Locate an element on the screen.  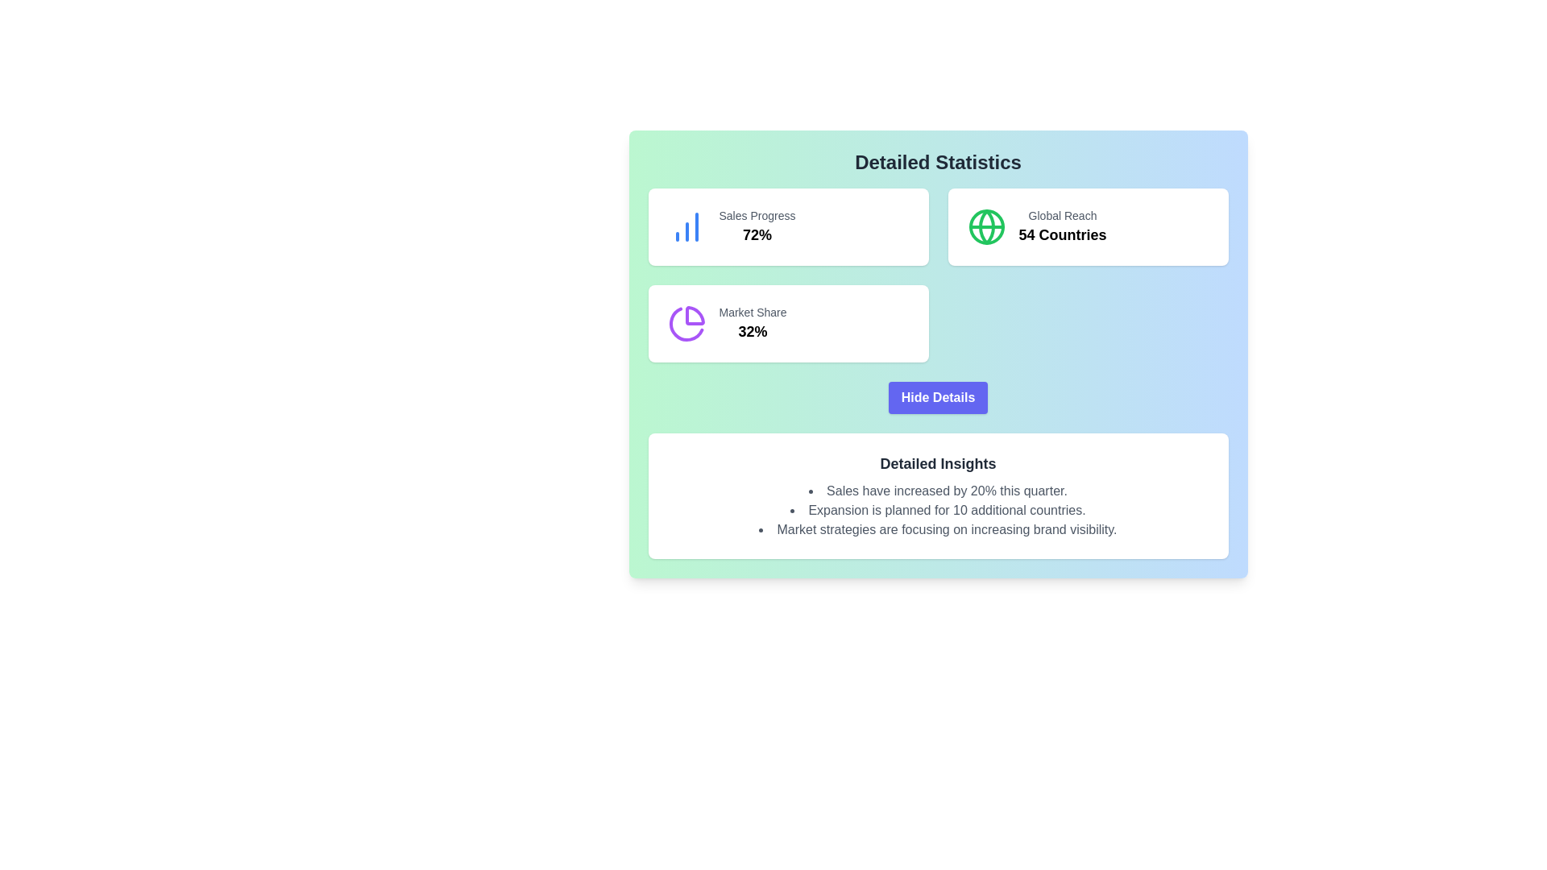
the Chart Representation icon, which is styled in blue and visually resembles a bar chart, located inside a white card at the top-left corner of the interface, next to the text 'Sales Progress 72%' is located at coordinates (686, 226).